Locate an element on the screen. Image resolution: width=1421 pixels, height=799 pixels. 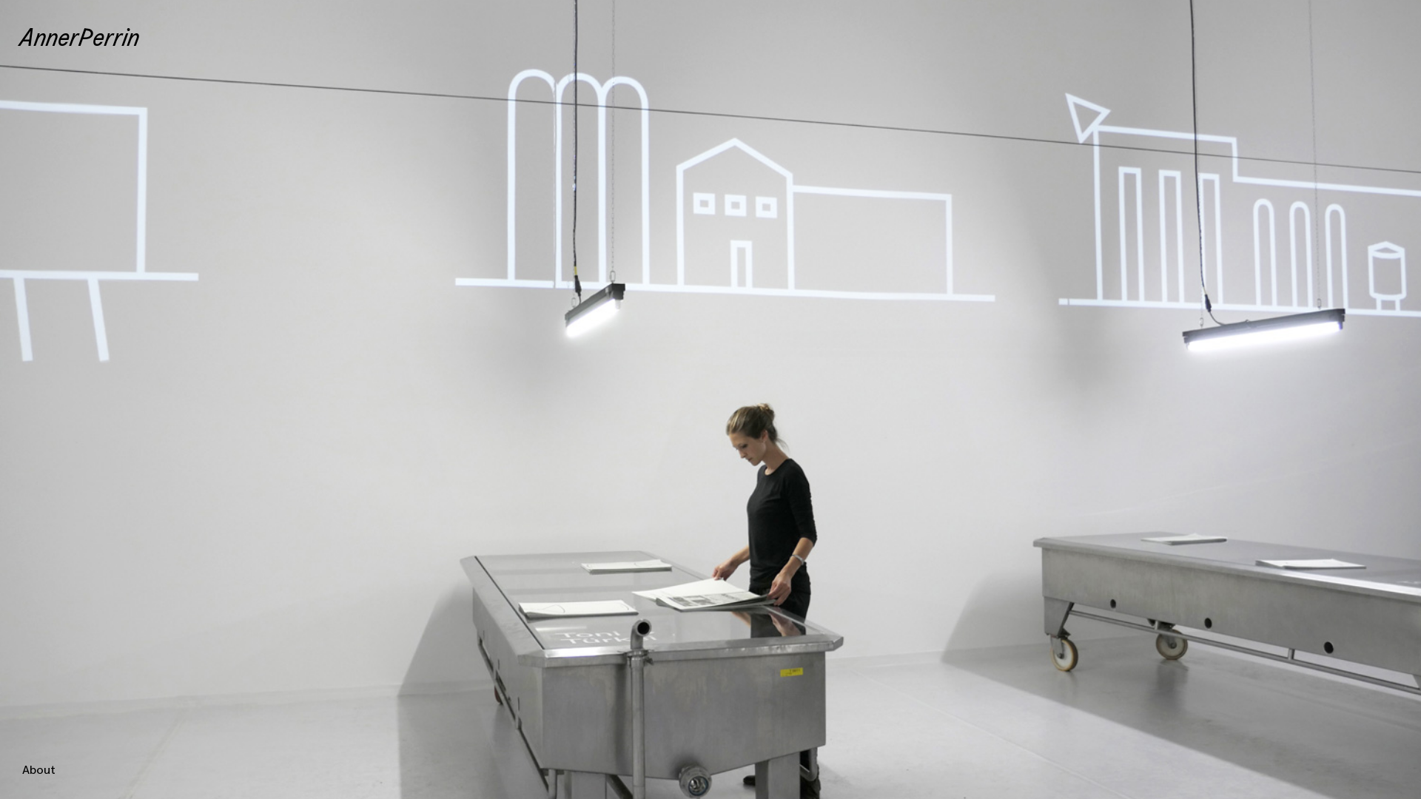
'About' is located at coordinates (38, 769).